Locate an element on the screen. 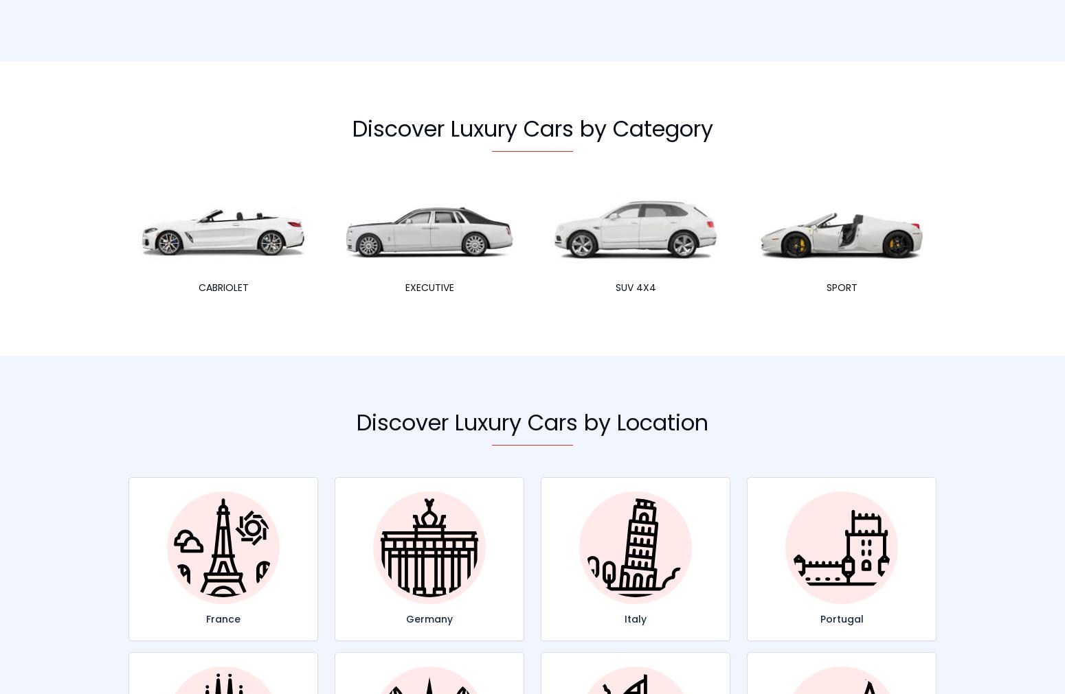 Image resolution: width=1065 pixels, height=694 pixels. 'Germany' is located at coordinates (406, 618).